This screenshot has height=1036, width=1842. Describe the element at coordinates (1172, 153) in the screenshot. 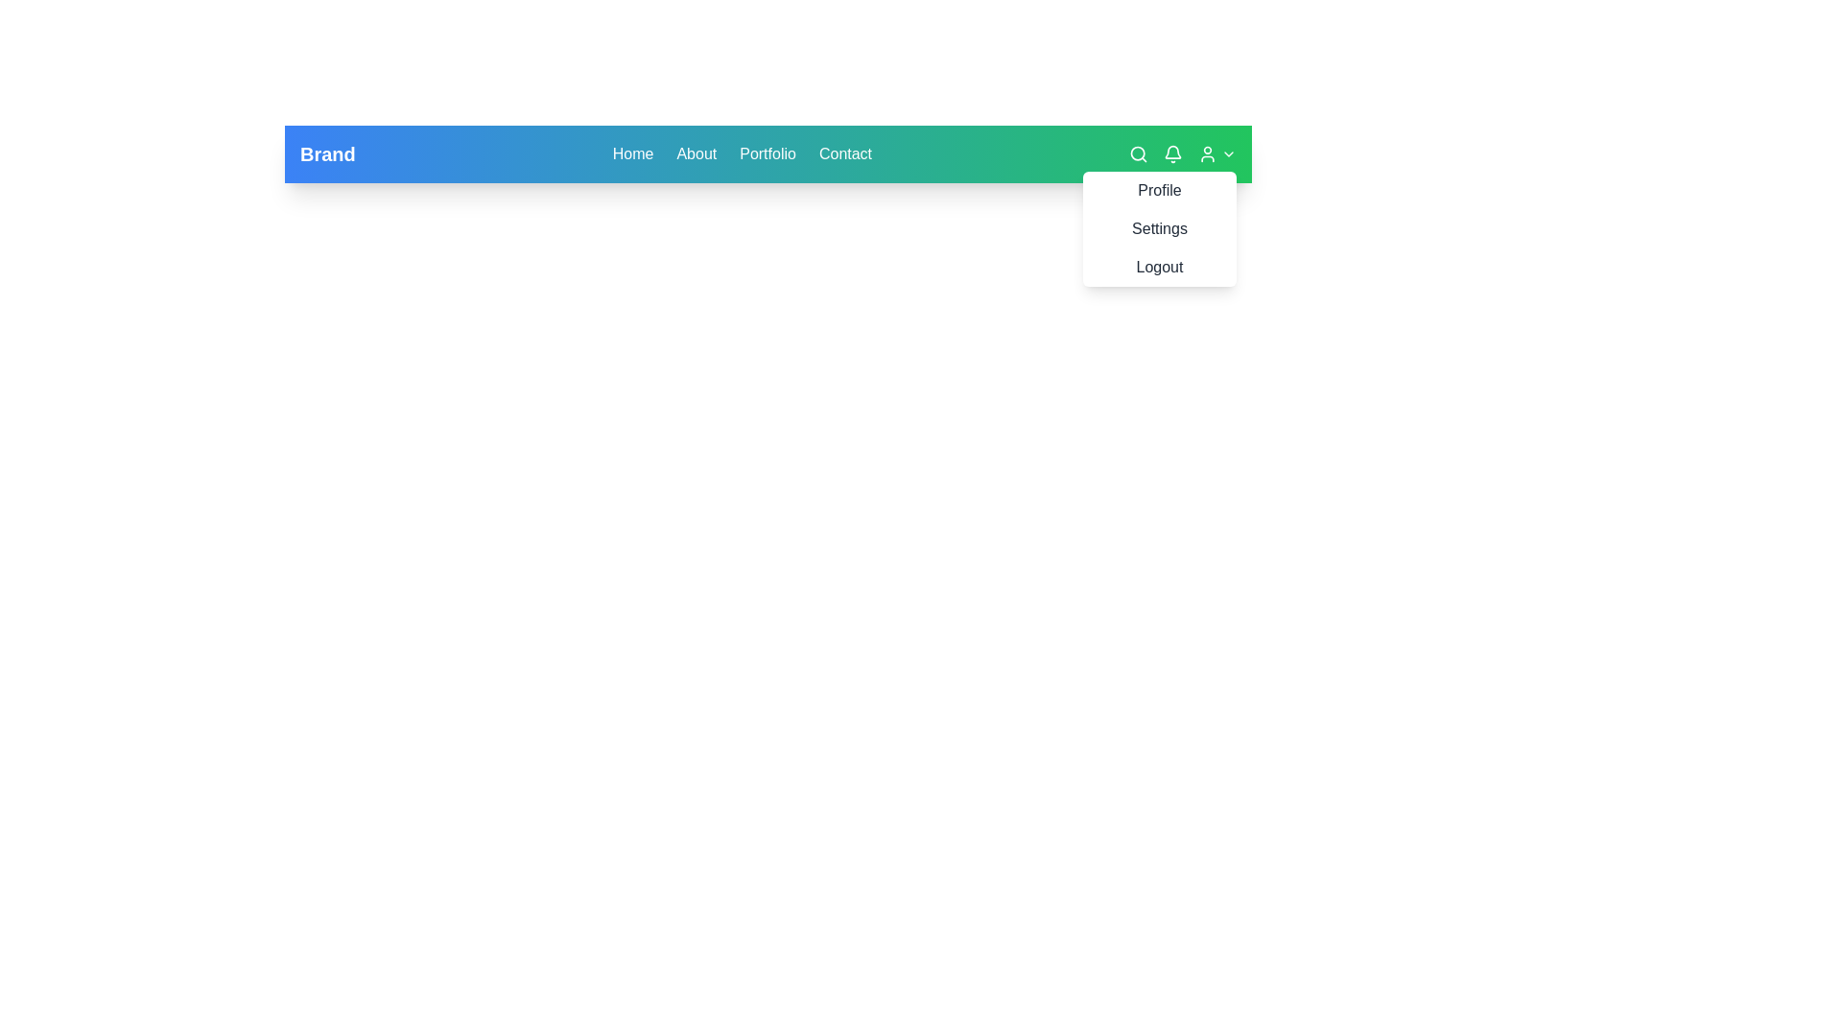

I see `the bell-shaped notification icon with a green background and white outline located in the top-right corner of the interface` at that location.